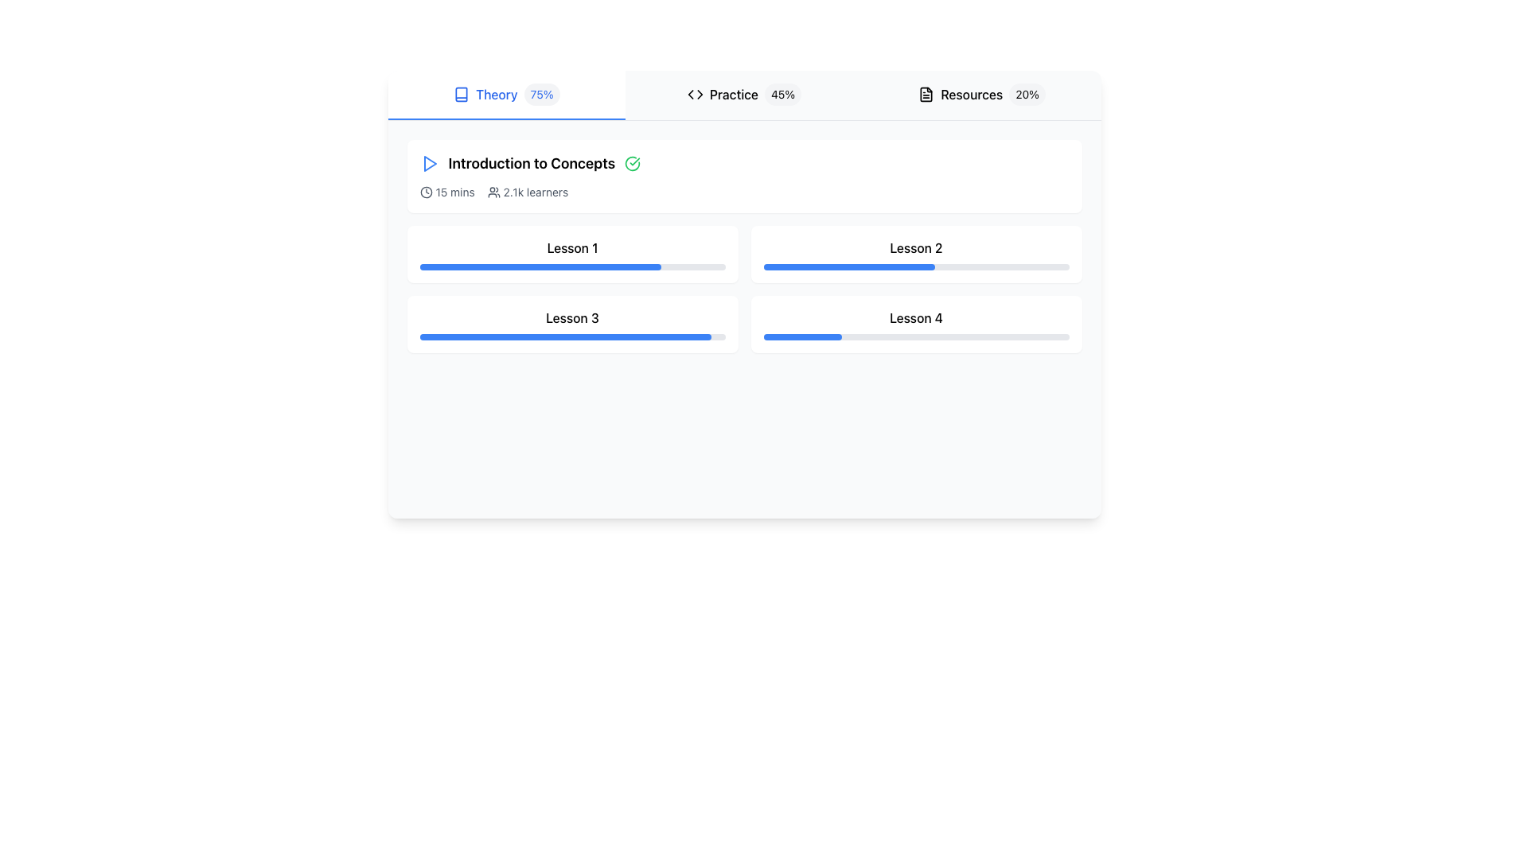  I want to click on the progress bar located below the text block labeled 'Lesson 1', which indicates the completion percentage of the associated activity or lesson, so click(572, 266).